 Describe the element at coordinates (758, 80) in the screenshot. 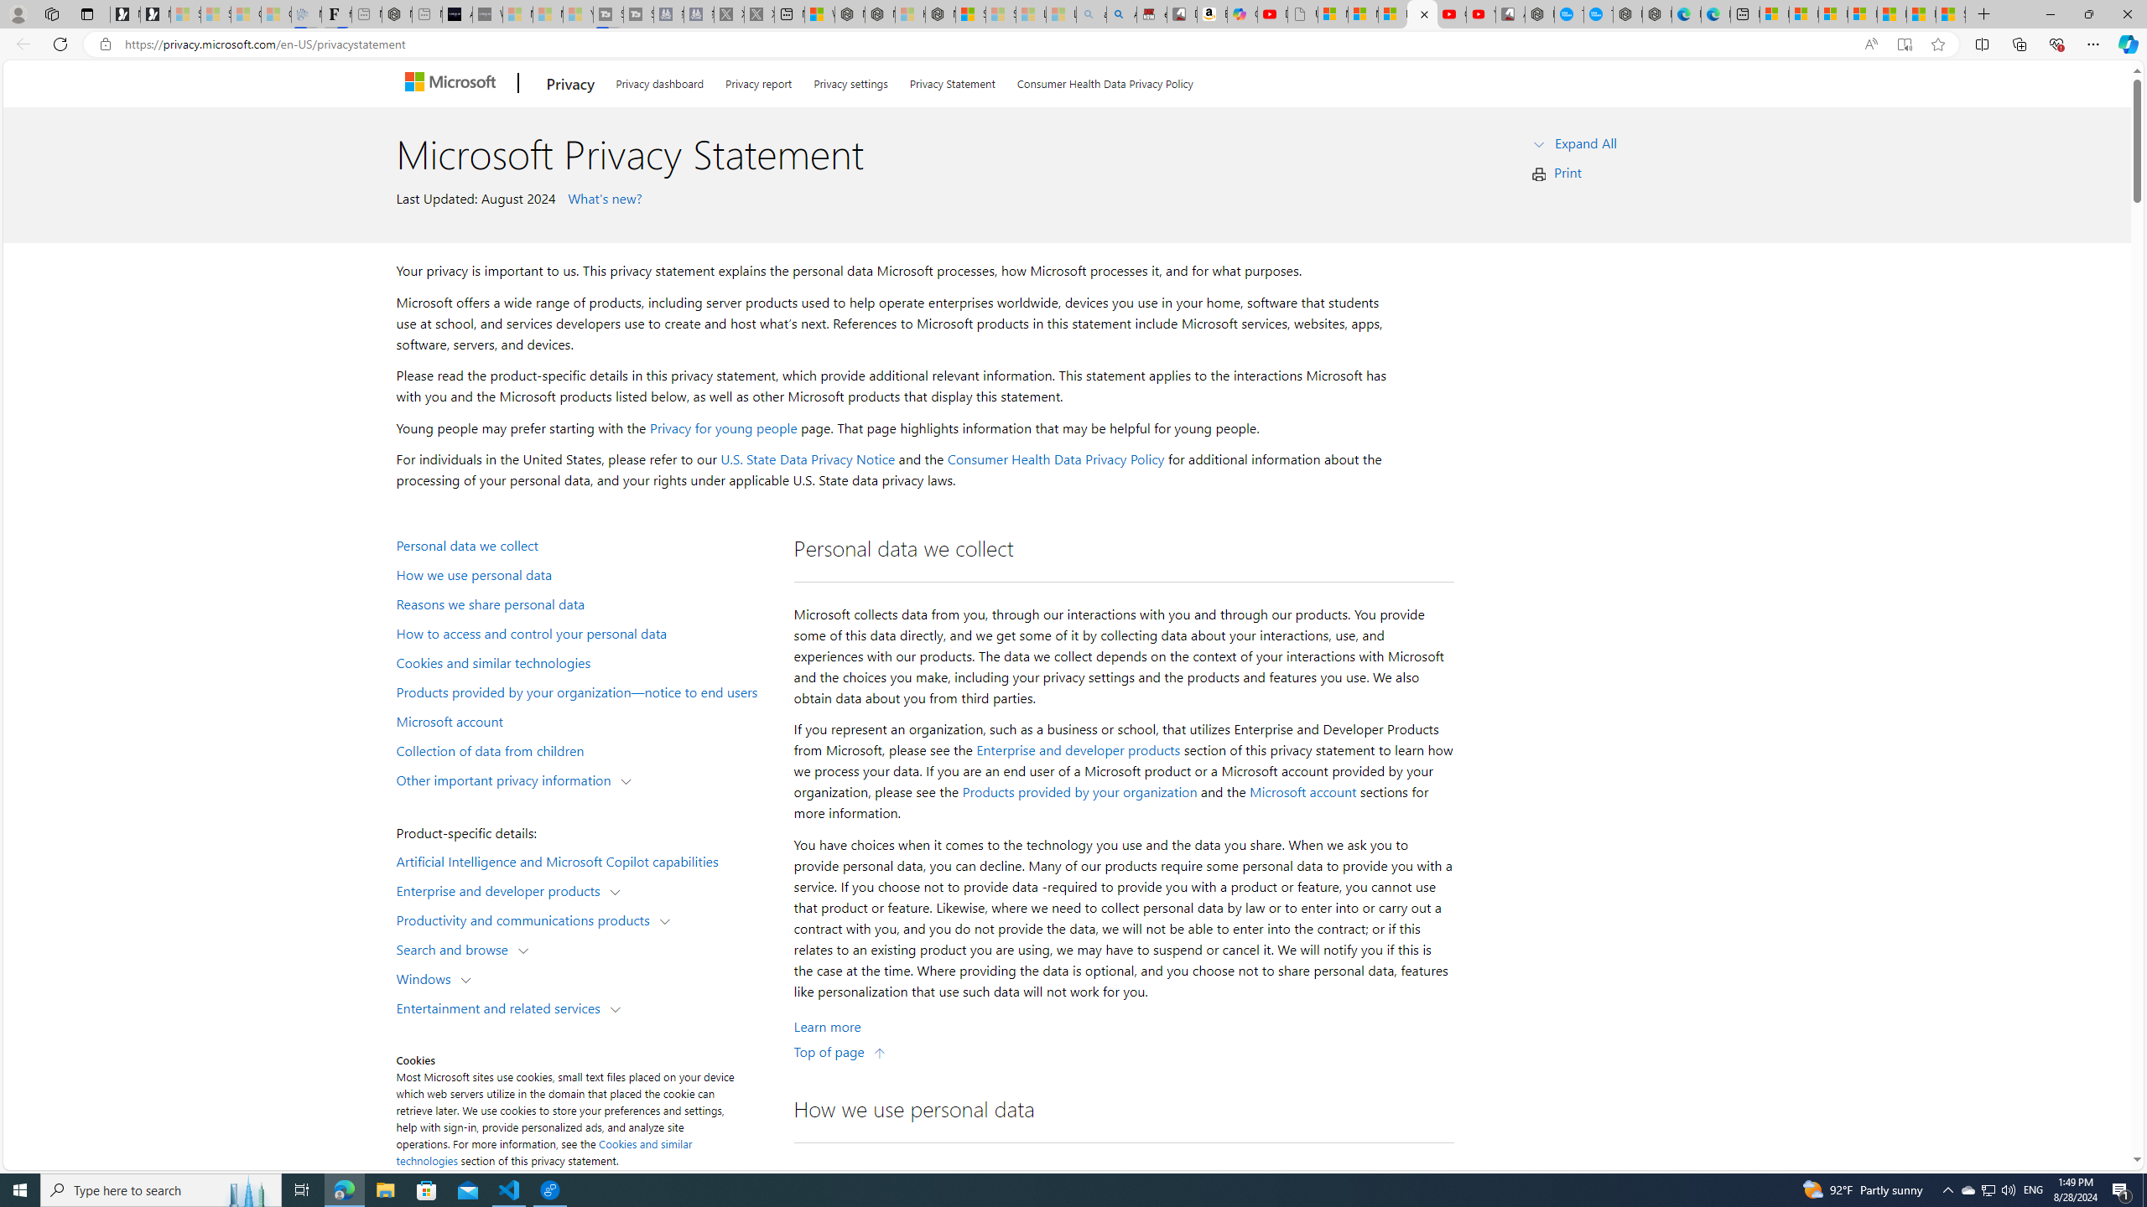

I see `'Privacy report'` at that location.